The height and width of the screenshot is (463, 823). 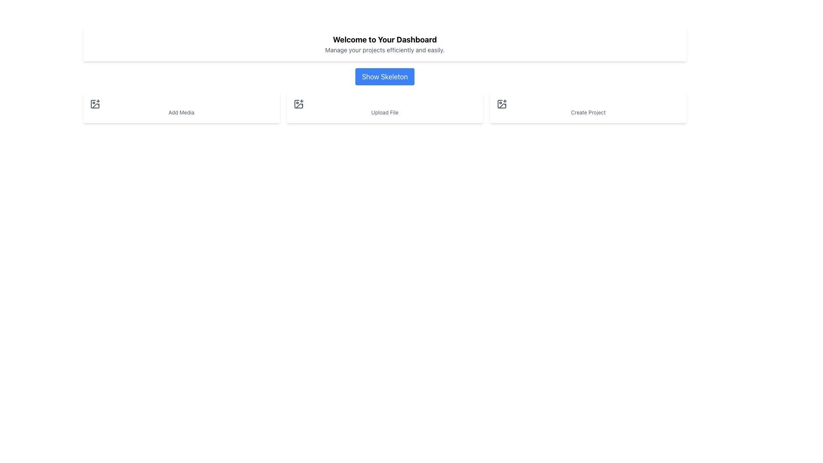 What do you see at coordinates (95, 104) in the screenshot?
I see `the 'Add Media' icon located in the top-left region of the 'Add Media' card` at bounding box center [95, 104].